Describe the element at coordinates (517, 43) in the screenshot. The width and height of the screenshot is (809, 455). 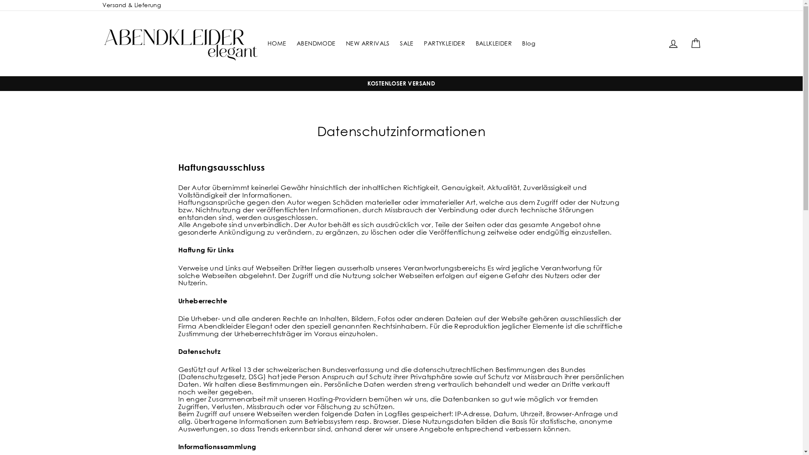
I see `'Blog'` at that location.